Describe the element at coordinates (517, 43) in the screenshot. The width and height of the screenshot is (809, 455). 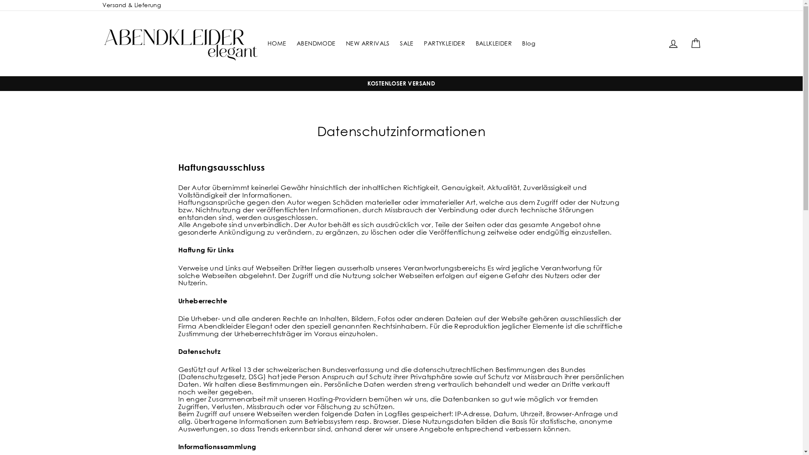
I see `'Blog'` at that location.